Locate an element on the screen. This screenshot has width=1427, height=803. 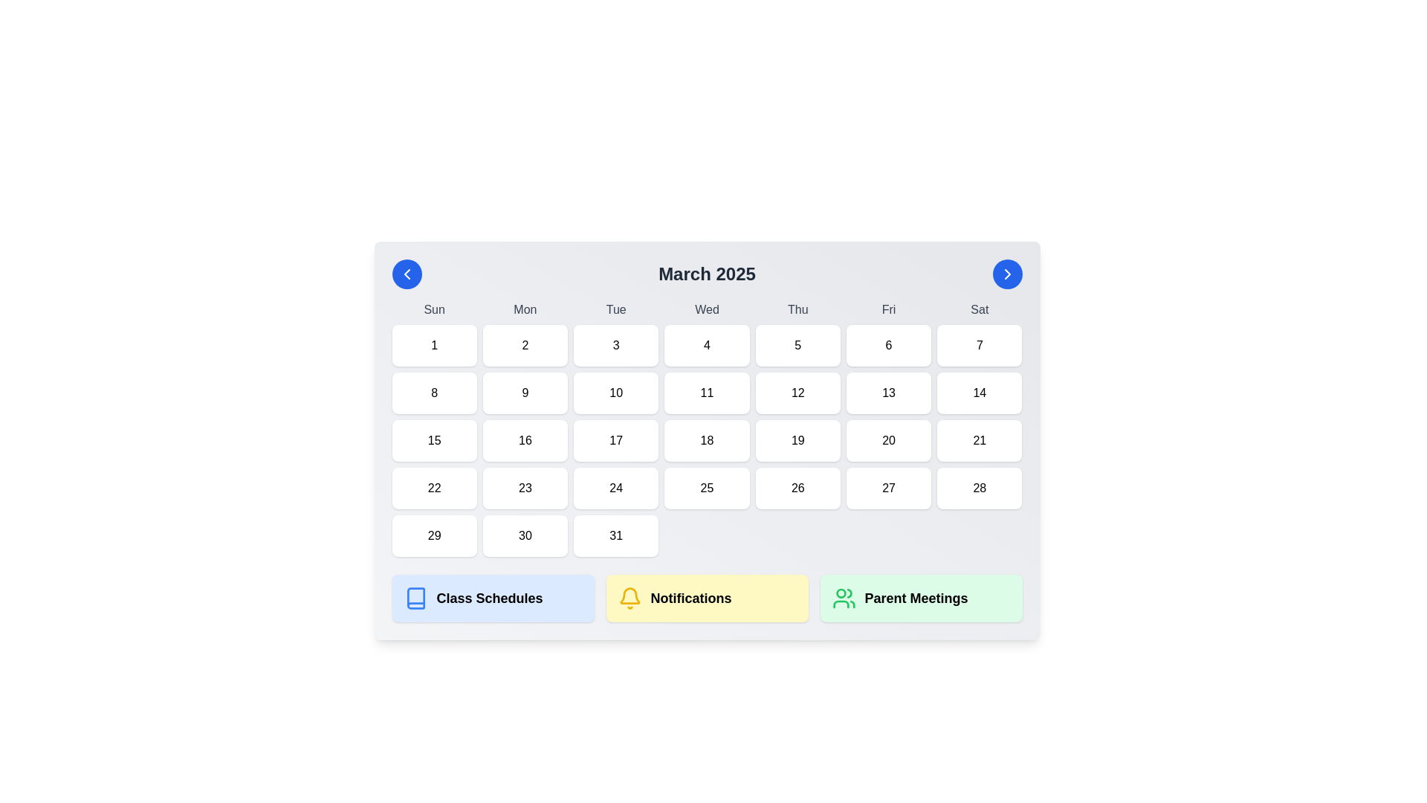
the yellow rectangular tile labeled 'Notifications' featuring a bell icon is located at coordinates (706, 598).